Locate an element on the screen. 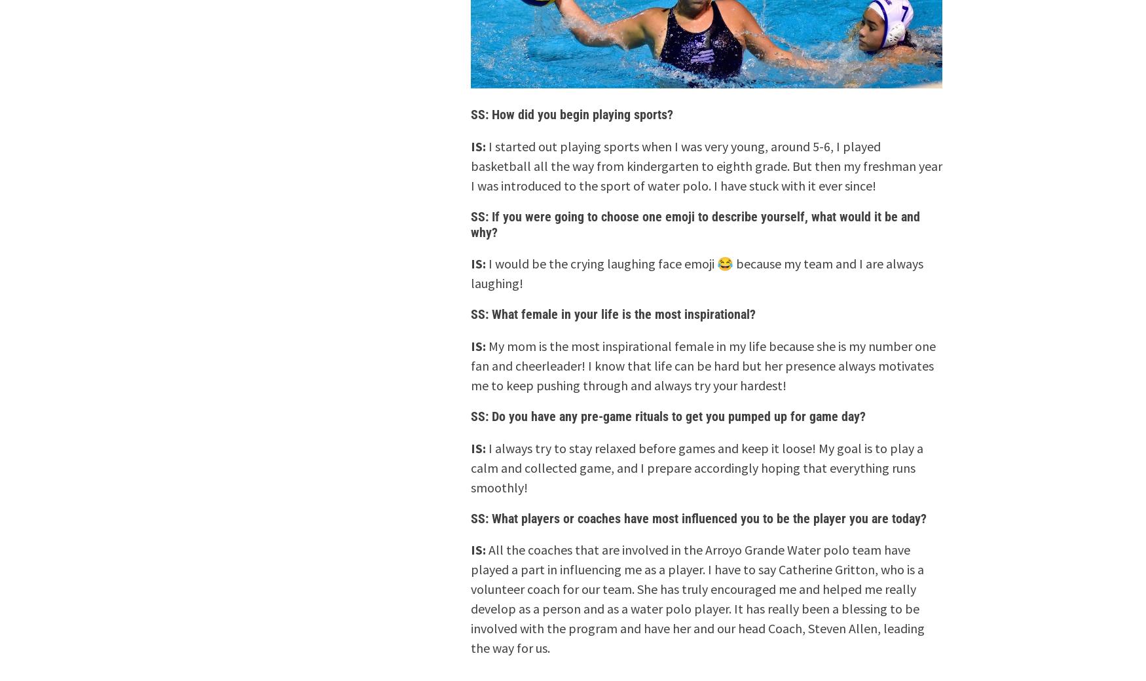 The height and width of the screenshot is (681, 1146). 'My mom is the most inspirational female in my life because she is my number one fan and cheerleader! I know that life can be hard but her presence always motivates me to keep pushing through and always try your hardest!' is located at coordinates (703, 365).